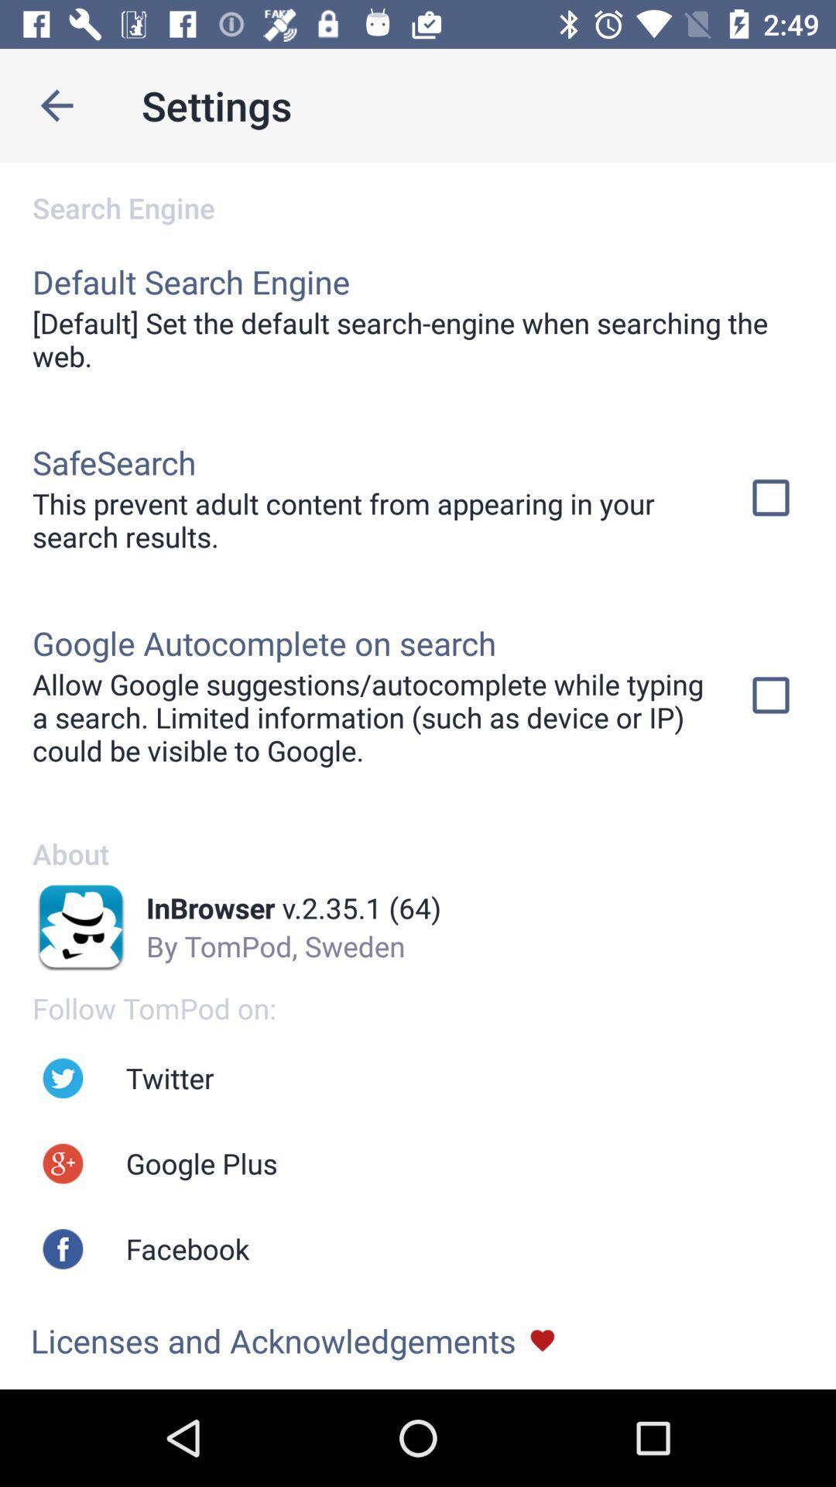 The image size is (836, 1487). Describe the element at coordinates (56, 105) in the screenshot. I see `go back` at that location.